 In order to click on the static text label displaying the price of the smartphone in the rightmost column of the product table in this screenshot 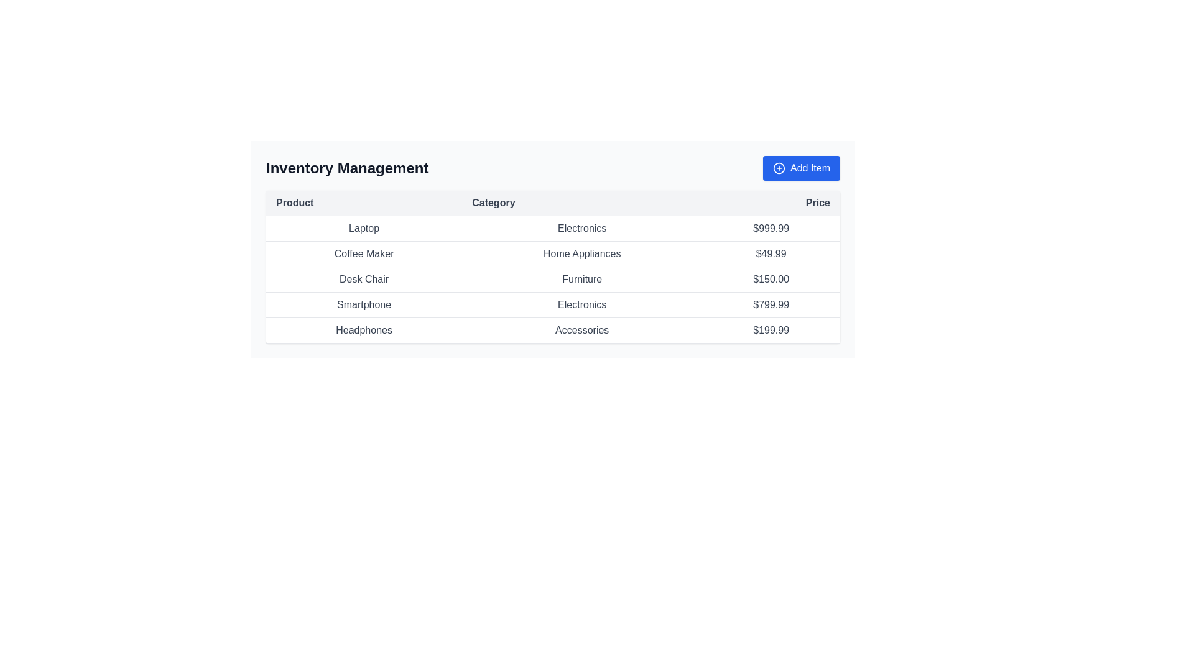, I will do `click(771, 304)`.